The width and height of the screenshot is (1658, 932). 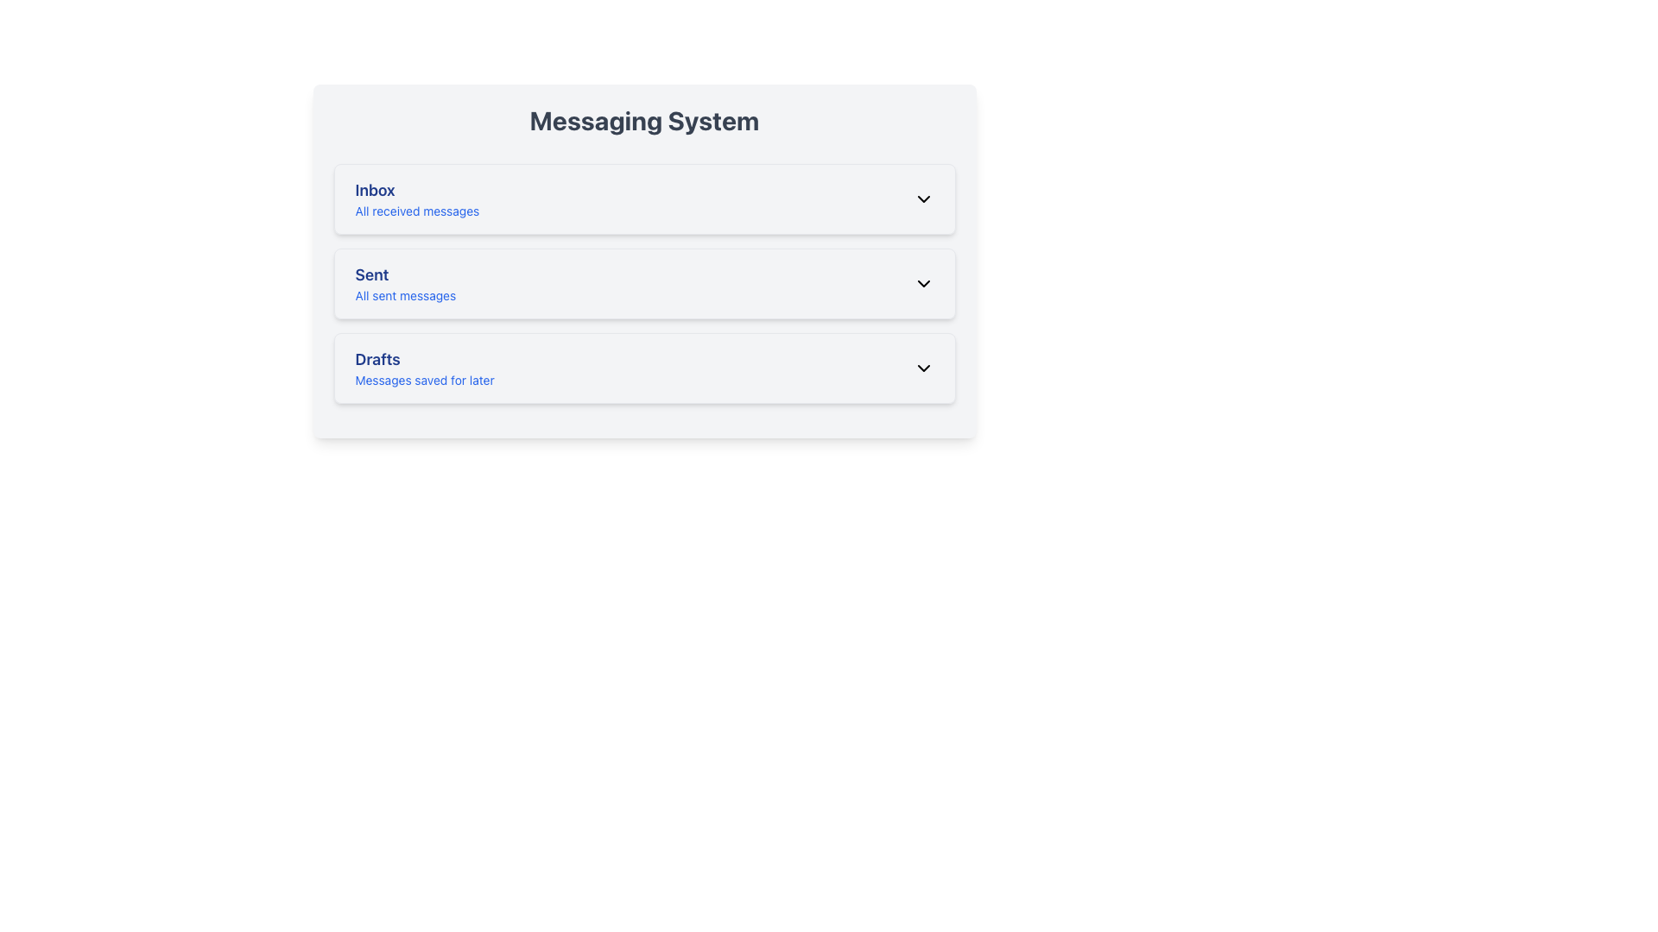 I want to click on the small downward-pointing chevron icon on the right side of the 'Inbox' section, so click(x=922, y=198).